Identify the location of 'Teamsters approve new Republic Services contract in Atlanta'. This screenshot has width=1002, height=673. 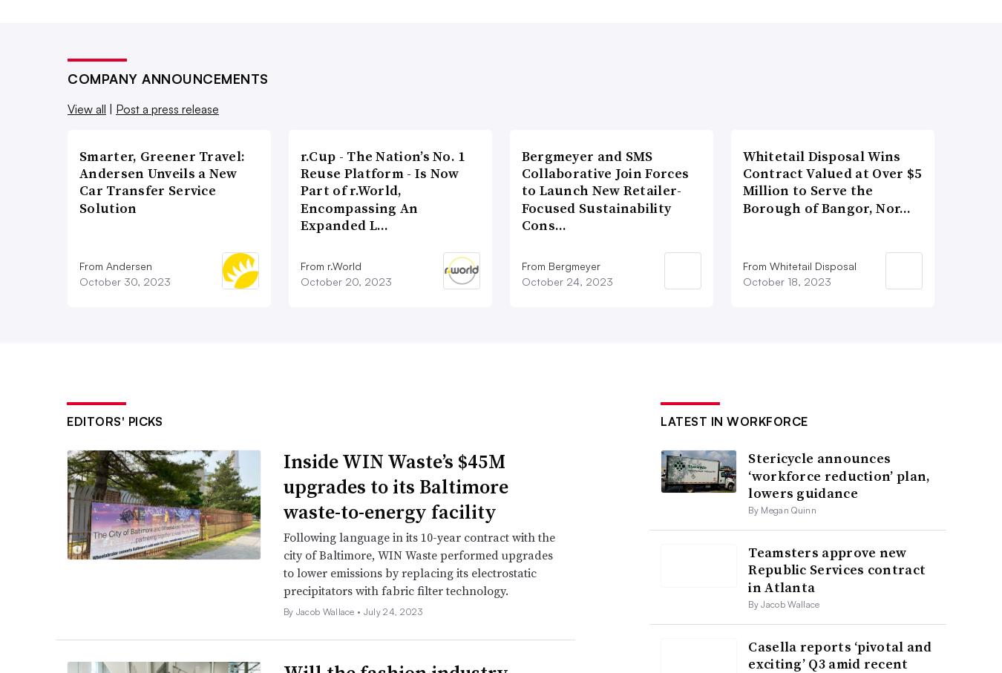
(836, 568).